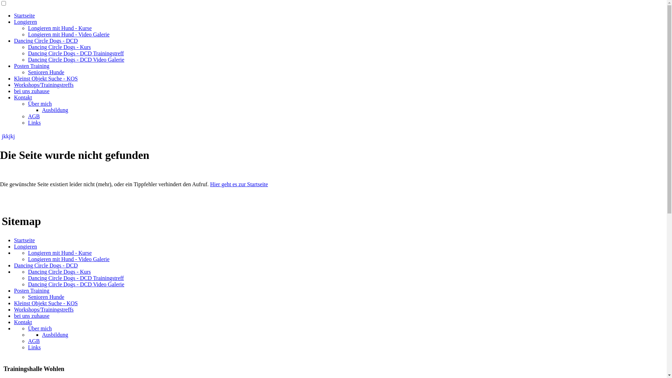 This screenshot has height=378, width=672. What do you see at coordinates (239, 184) in the screenshot?
I see `'Hier geht es zur Startseite'` at bounding box center [239, 184].